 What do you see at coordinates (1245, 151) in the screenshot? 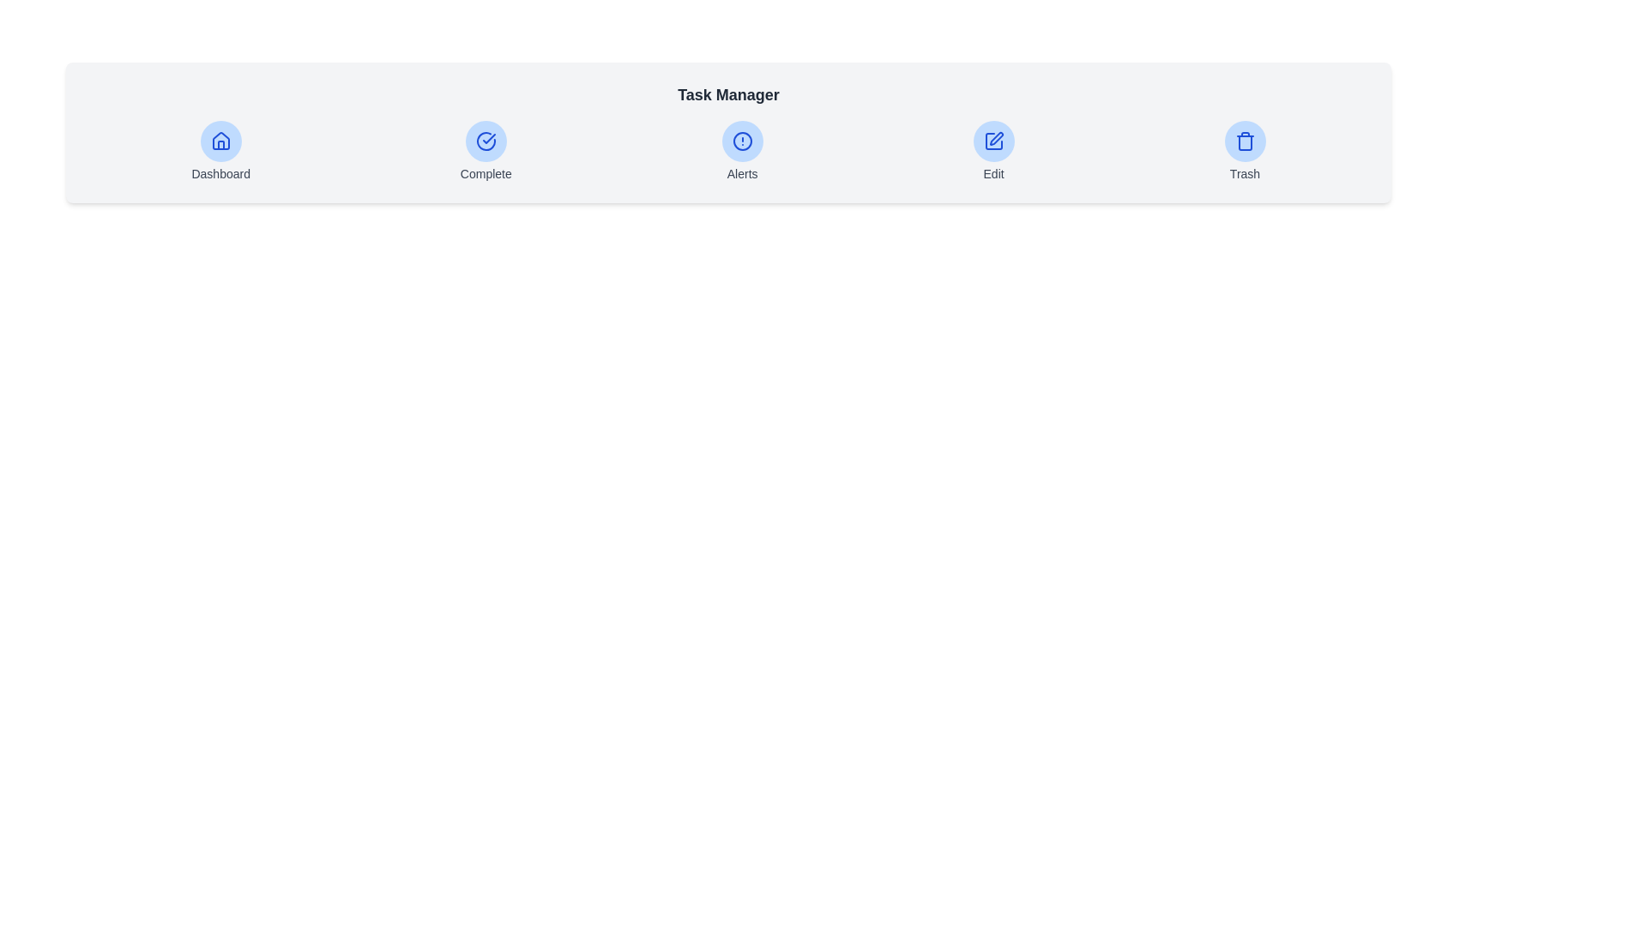
I see `the rounded blue icon button with a trash bin icon and the label 'Trash' below it` at bounding box center [1245, 151].